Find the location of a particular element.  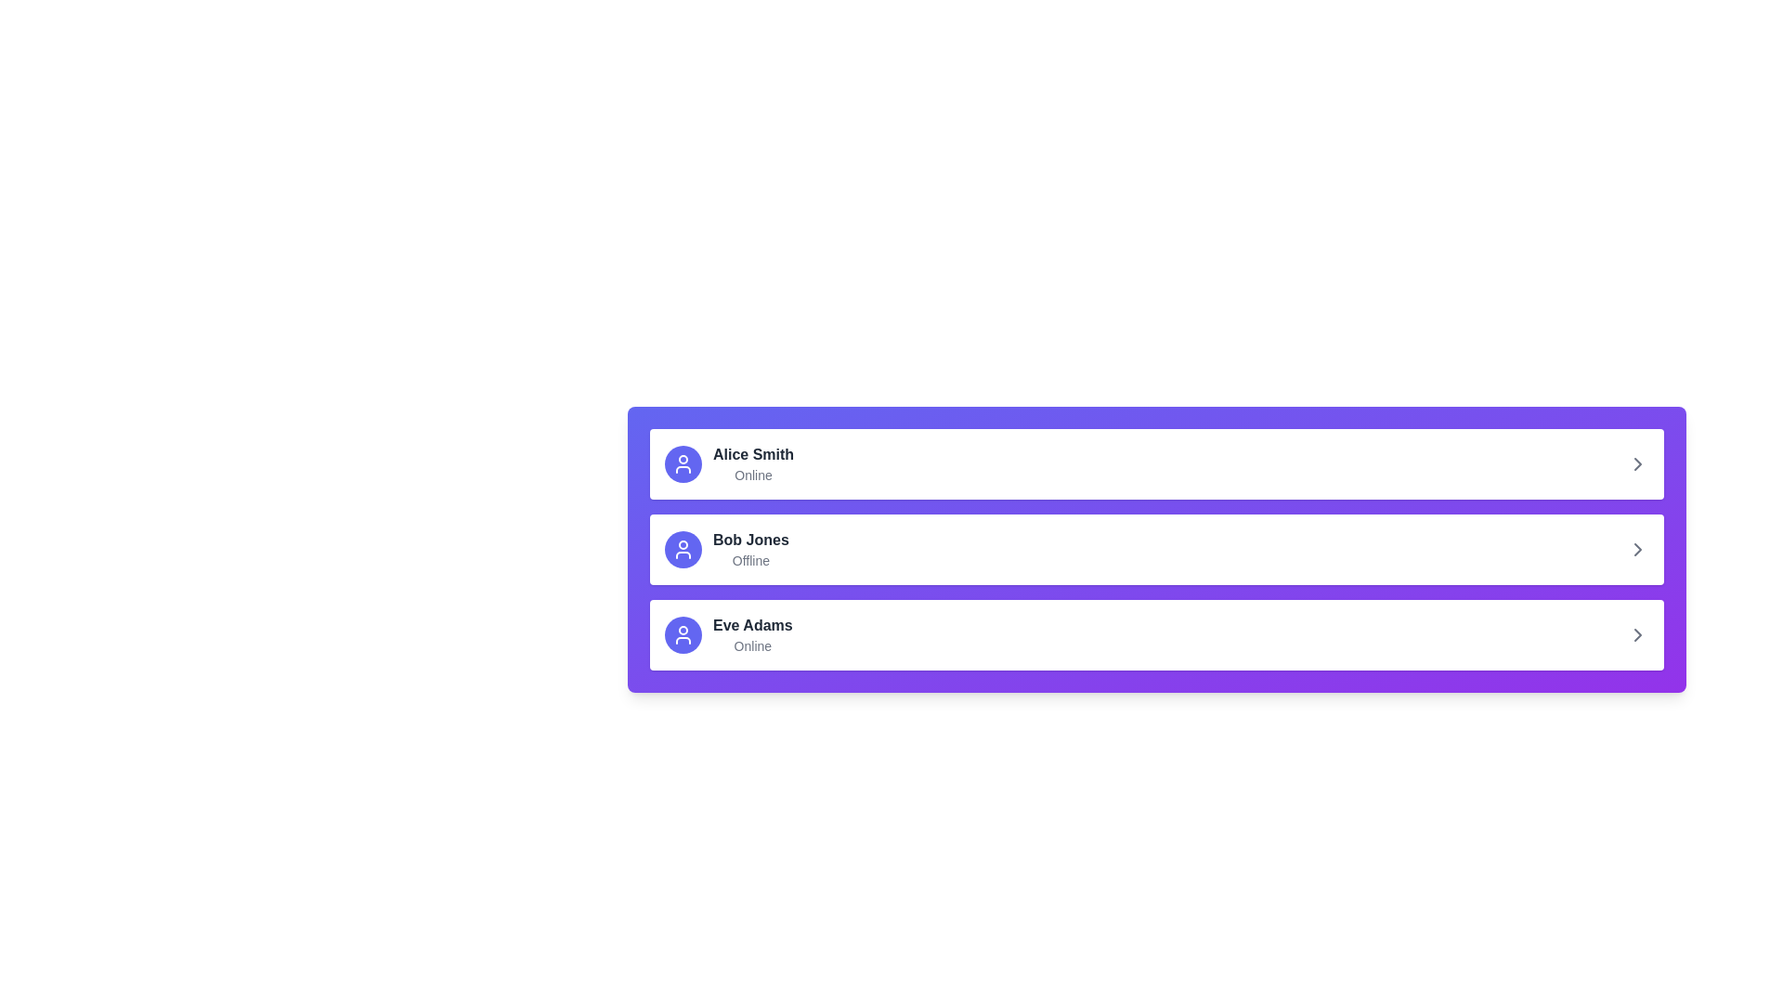

the right-pointing chevron arrow icon in the first item of the list containing 'Alice Smith' is located at coordinates (1637, 463).